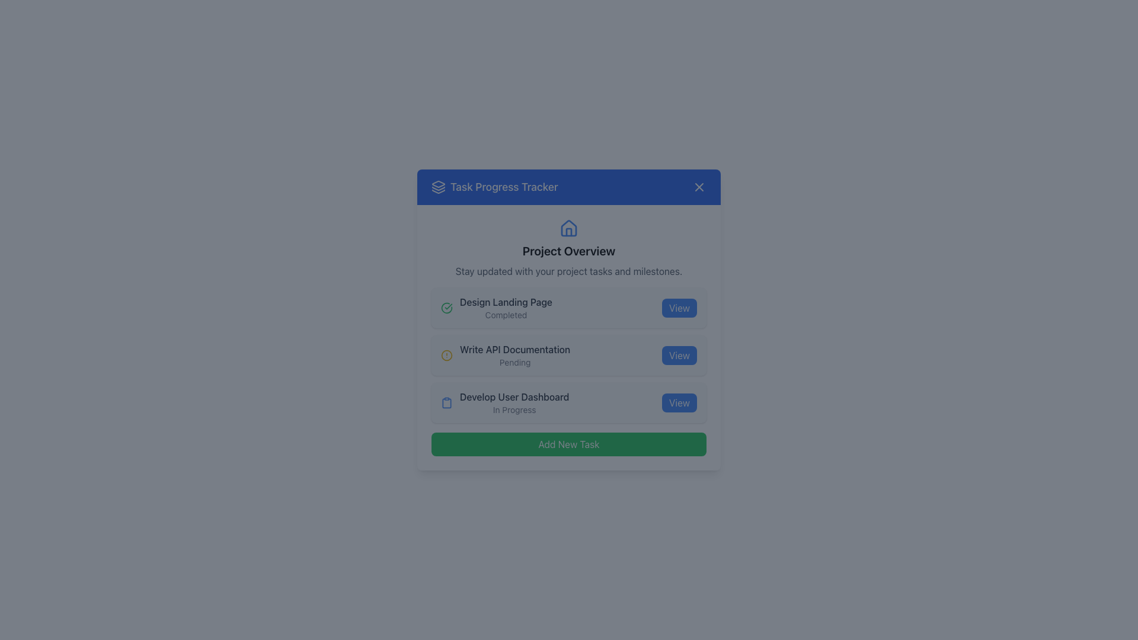 The height and width of the screenshot is (640, 1138). What do you see at coordinates (679, 355) in the screenshot?
I see `the rounded rectangular blue button labeled 'View'` at bounding box center [679, 355].